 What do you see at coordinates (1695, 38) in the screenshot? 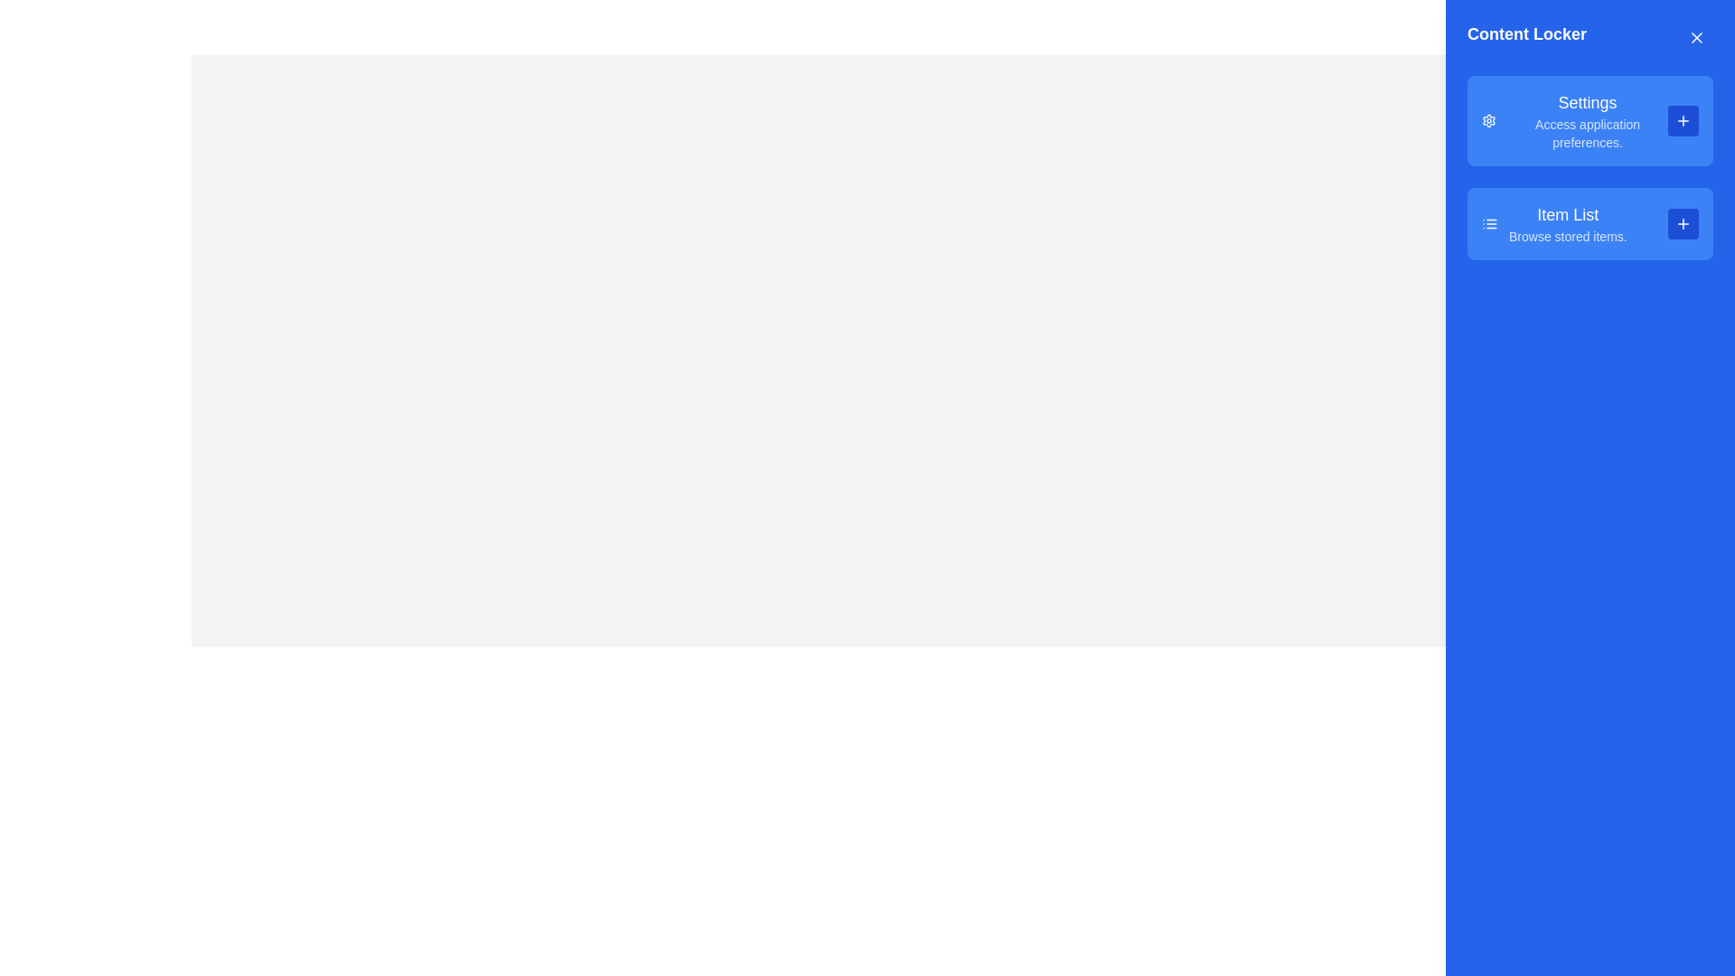
I see `the close button represented as an SVG icon (X mark) in the upper-right corner of the 'Content Locker' panel` at bounding box center [1695, 38].